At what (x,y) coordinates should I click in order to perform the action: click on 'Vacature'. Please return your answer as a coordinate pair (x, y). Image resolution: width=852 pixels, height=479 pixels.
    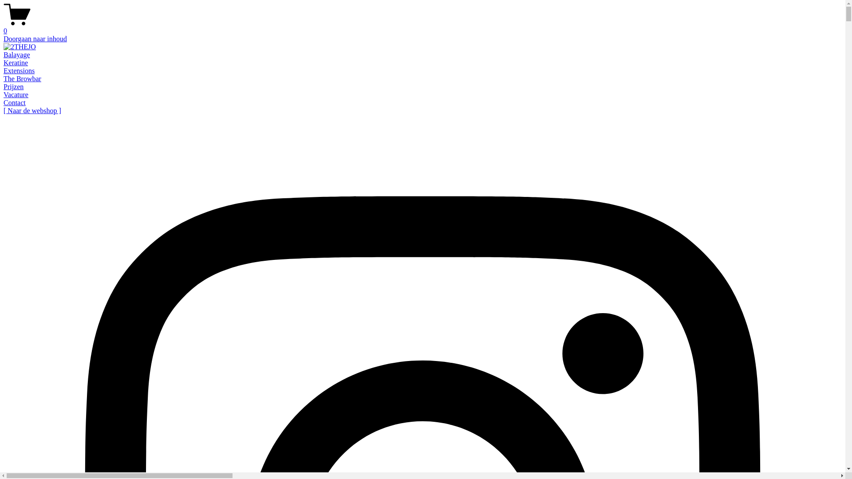
    Looking at the image, I should click on (4, 94).